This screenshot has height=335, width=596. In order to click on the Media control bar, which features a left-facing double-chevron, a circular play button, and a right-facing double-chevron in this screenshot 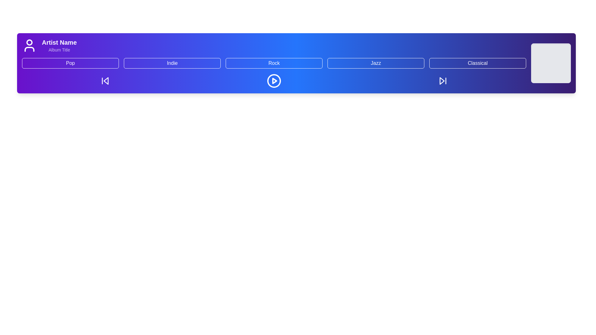, I will do `click(274, 81)`.